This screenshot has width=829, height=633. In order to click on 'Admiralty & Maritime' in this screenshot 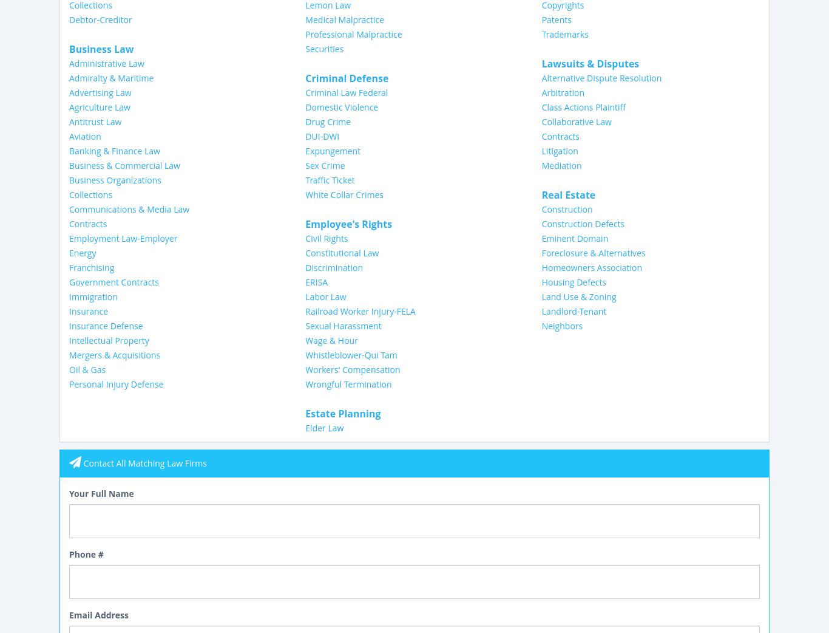, I will do `click(110, 77)`.